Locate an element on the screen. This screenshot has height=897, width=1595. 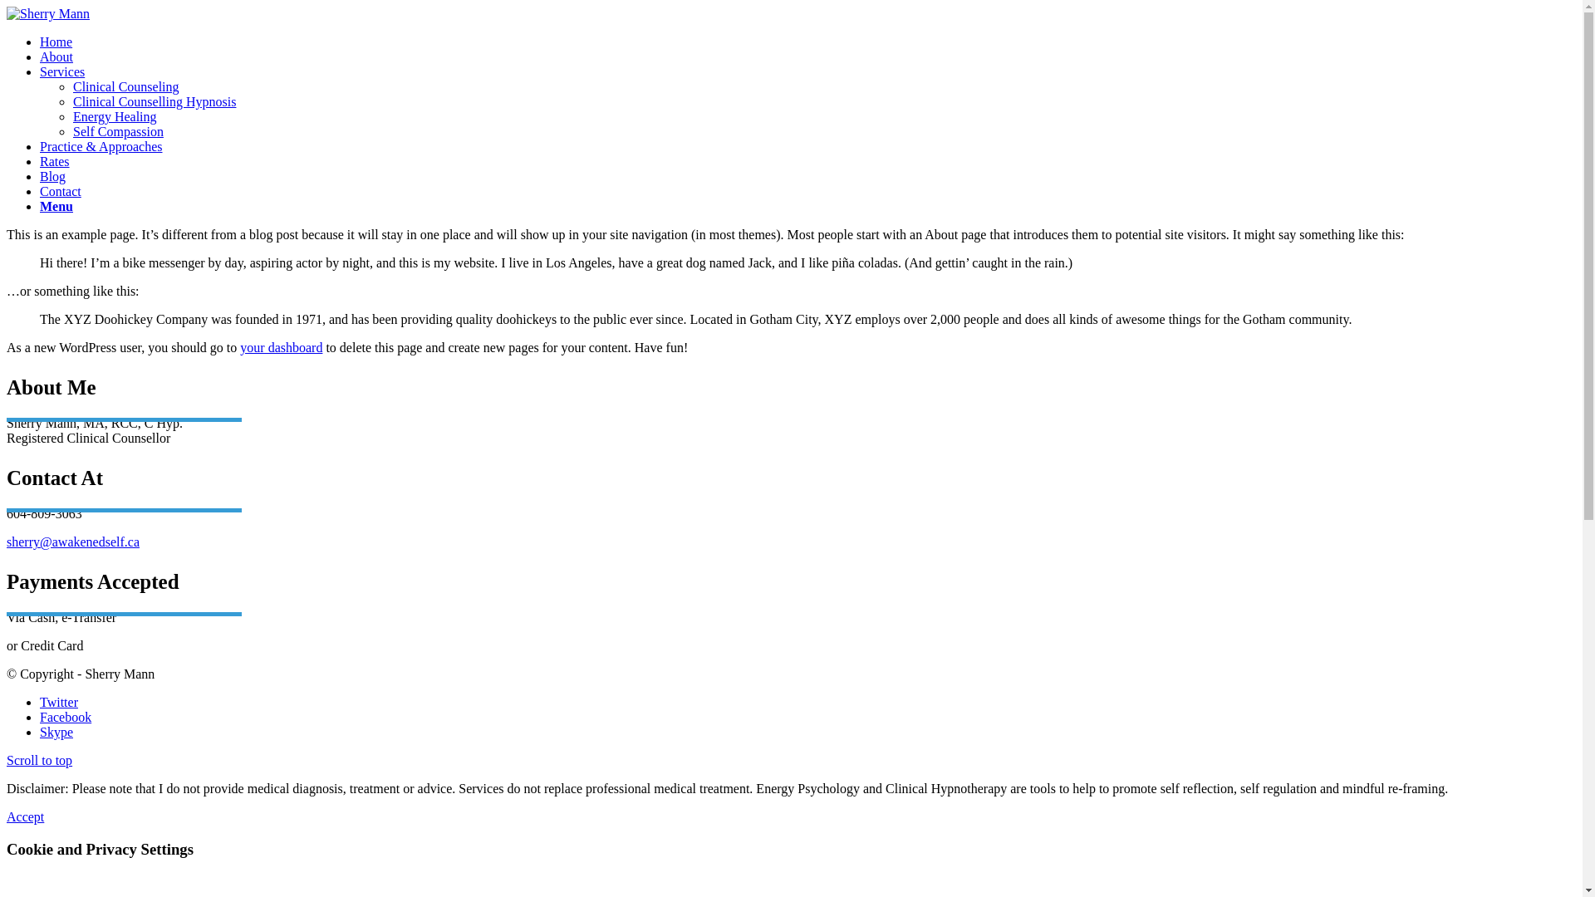
'Practice & Approaches' is located at coordinates (40, 145).